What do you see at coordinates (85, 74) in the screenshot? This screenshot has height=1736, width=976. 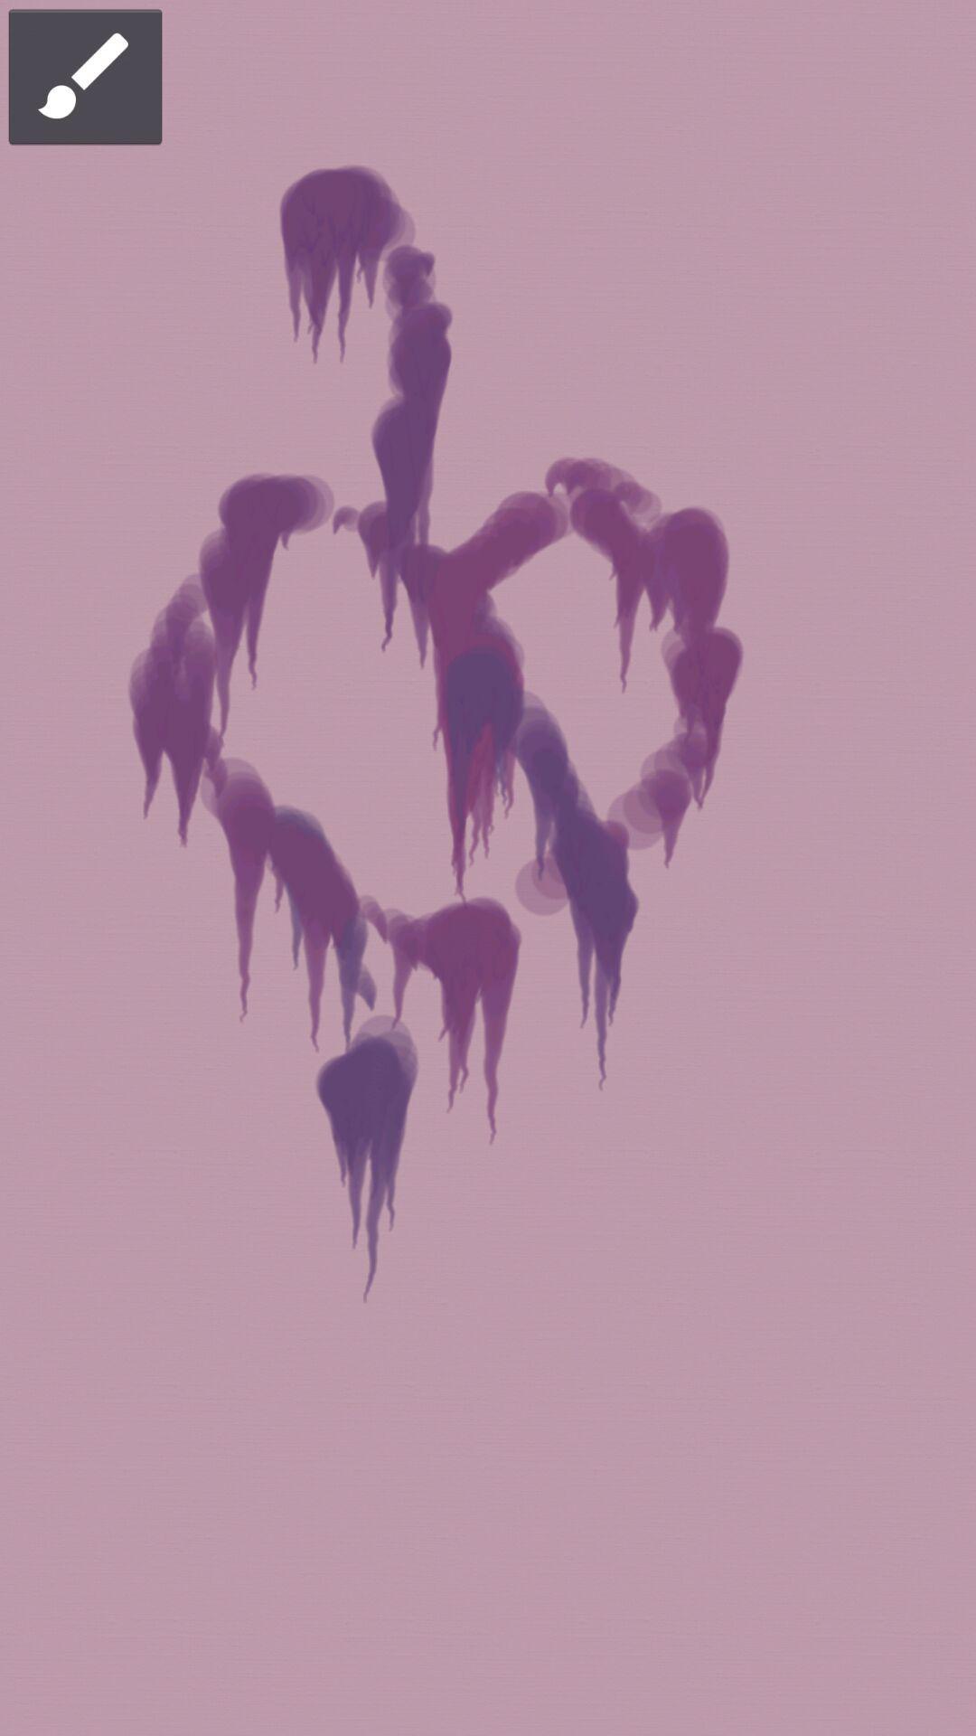 I see `the edit icon` at bounding box center [85, 74].